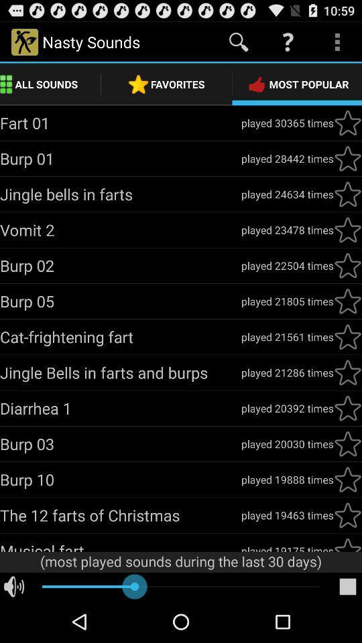 The image size is (362, 643). What do you see at coordinates (347, 544) in the screenshot?
I see `click for favorite` at bounding box center [347, 544].